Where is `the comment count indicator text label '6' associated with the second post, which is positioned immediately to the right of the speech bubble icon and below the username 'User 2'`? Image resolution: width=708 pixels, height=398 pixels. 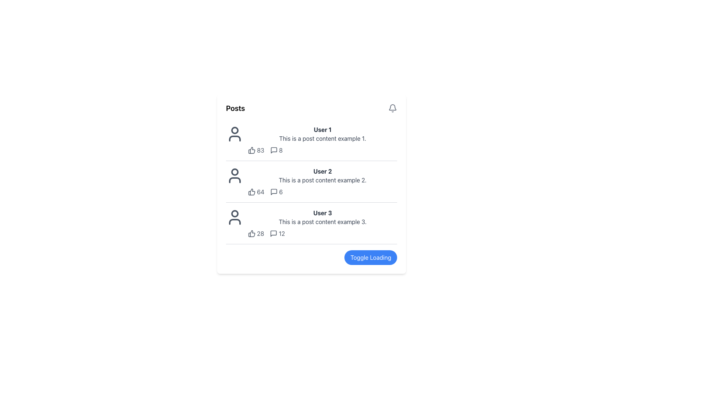 the comment count indicator text label '6' associated with the second post, which is positioned immediately to the right of the speech bubble icon and below the username 'User 2' is located at coordinates (280, 191).